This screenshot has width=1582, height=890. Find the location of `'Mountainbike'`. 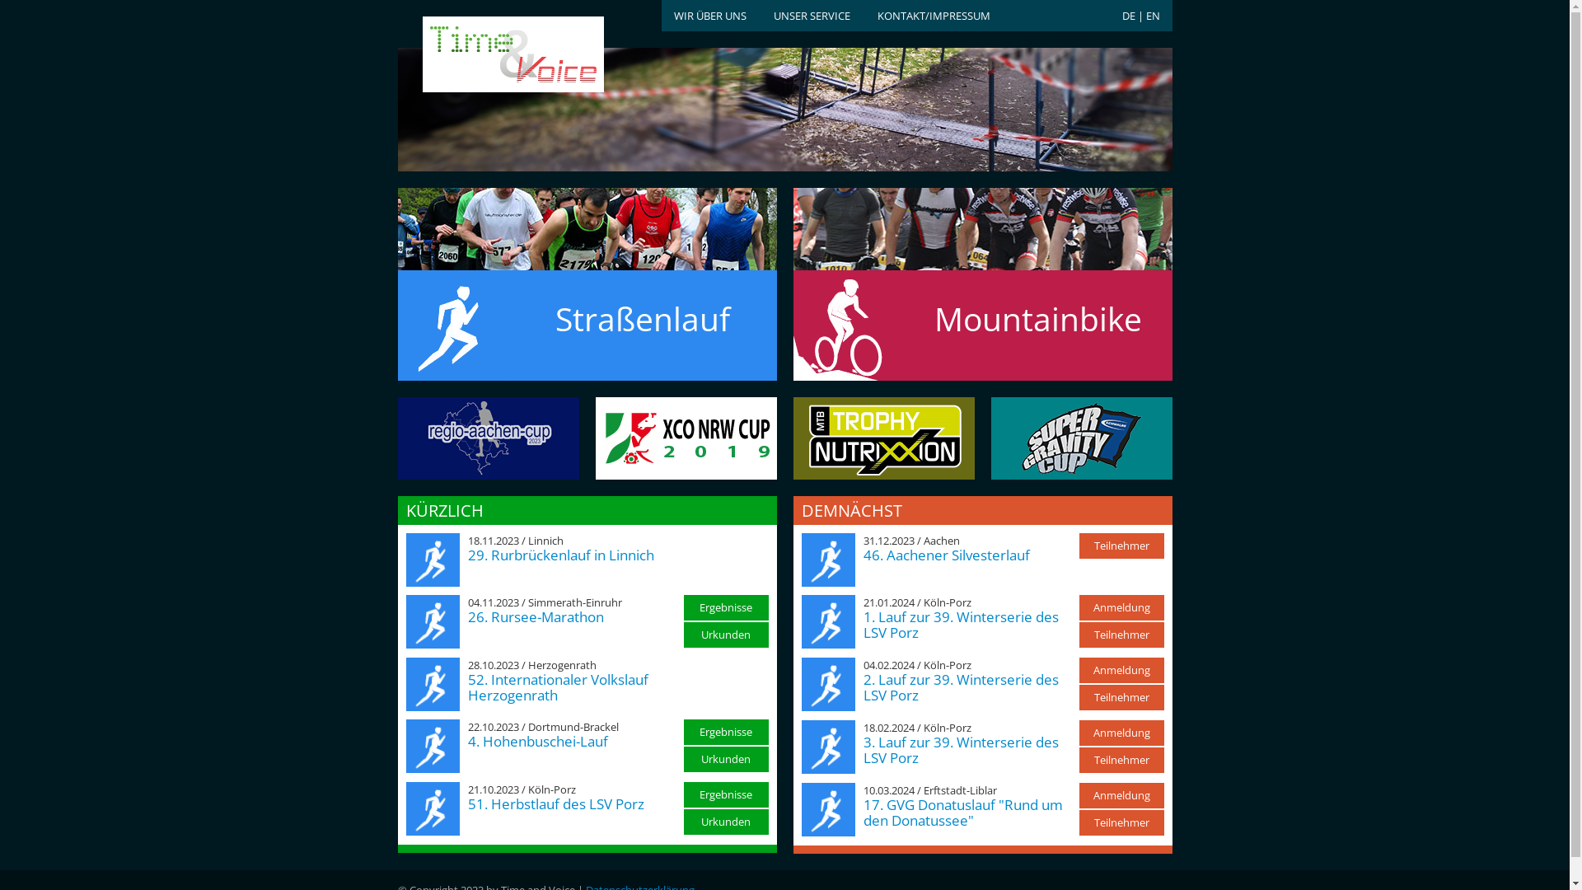

'Mountainbike' is located at coordinates (981, 298).